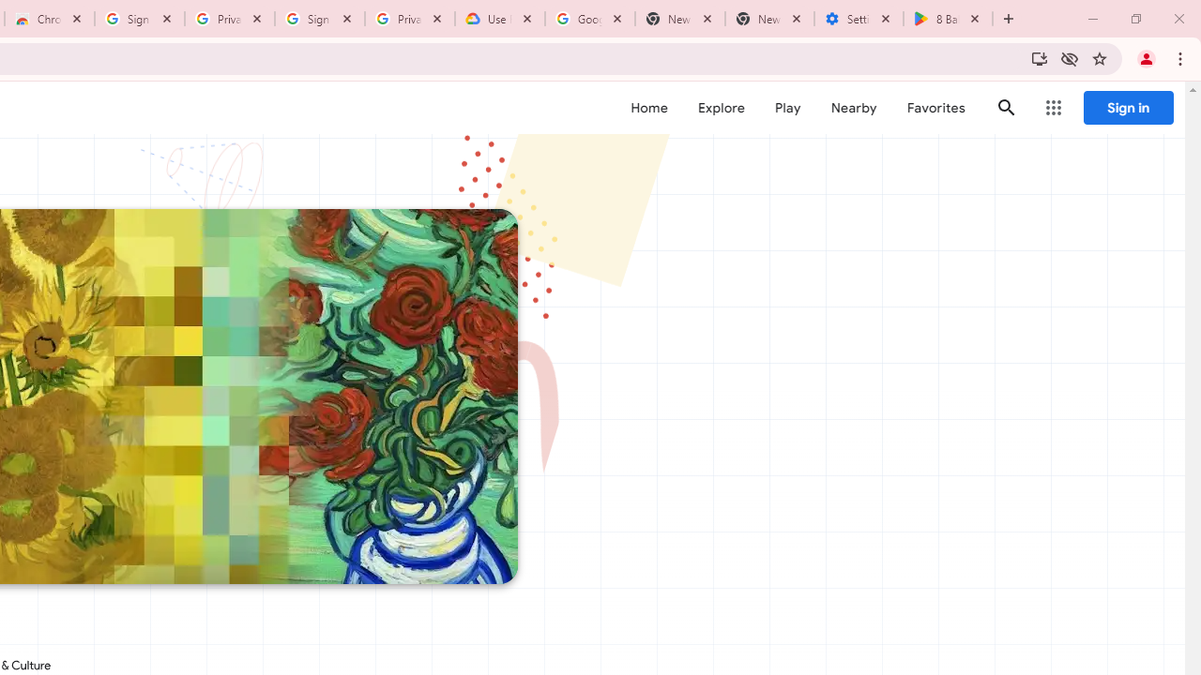  Describe the element at coordinates (858, 19) in the screenshot. I see `'Settings - System'` at that location.